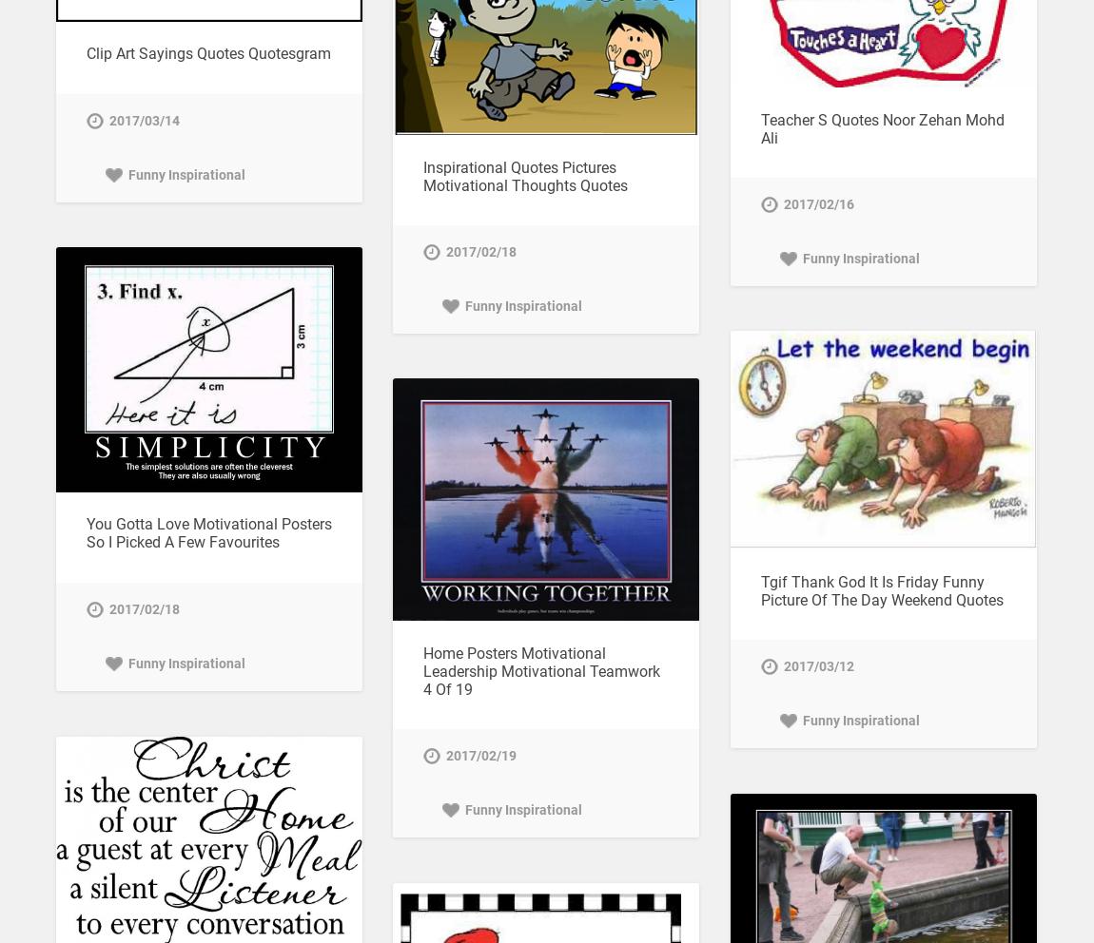  Describe the element at coordinates (107, 120) in the screenshot. I see `'2017/03/14'` at that location.